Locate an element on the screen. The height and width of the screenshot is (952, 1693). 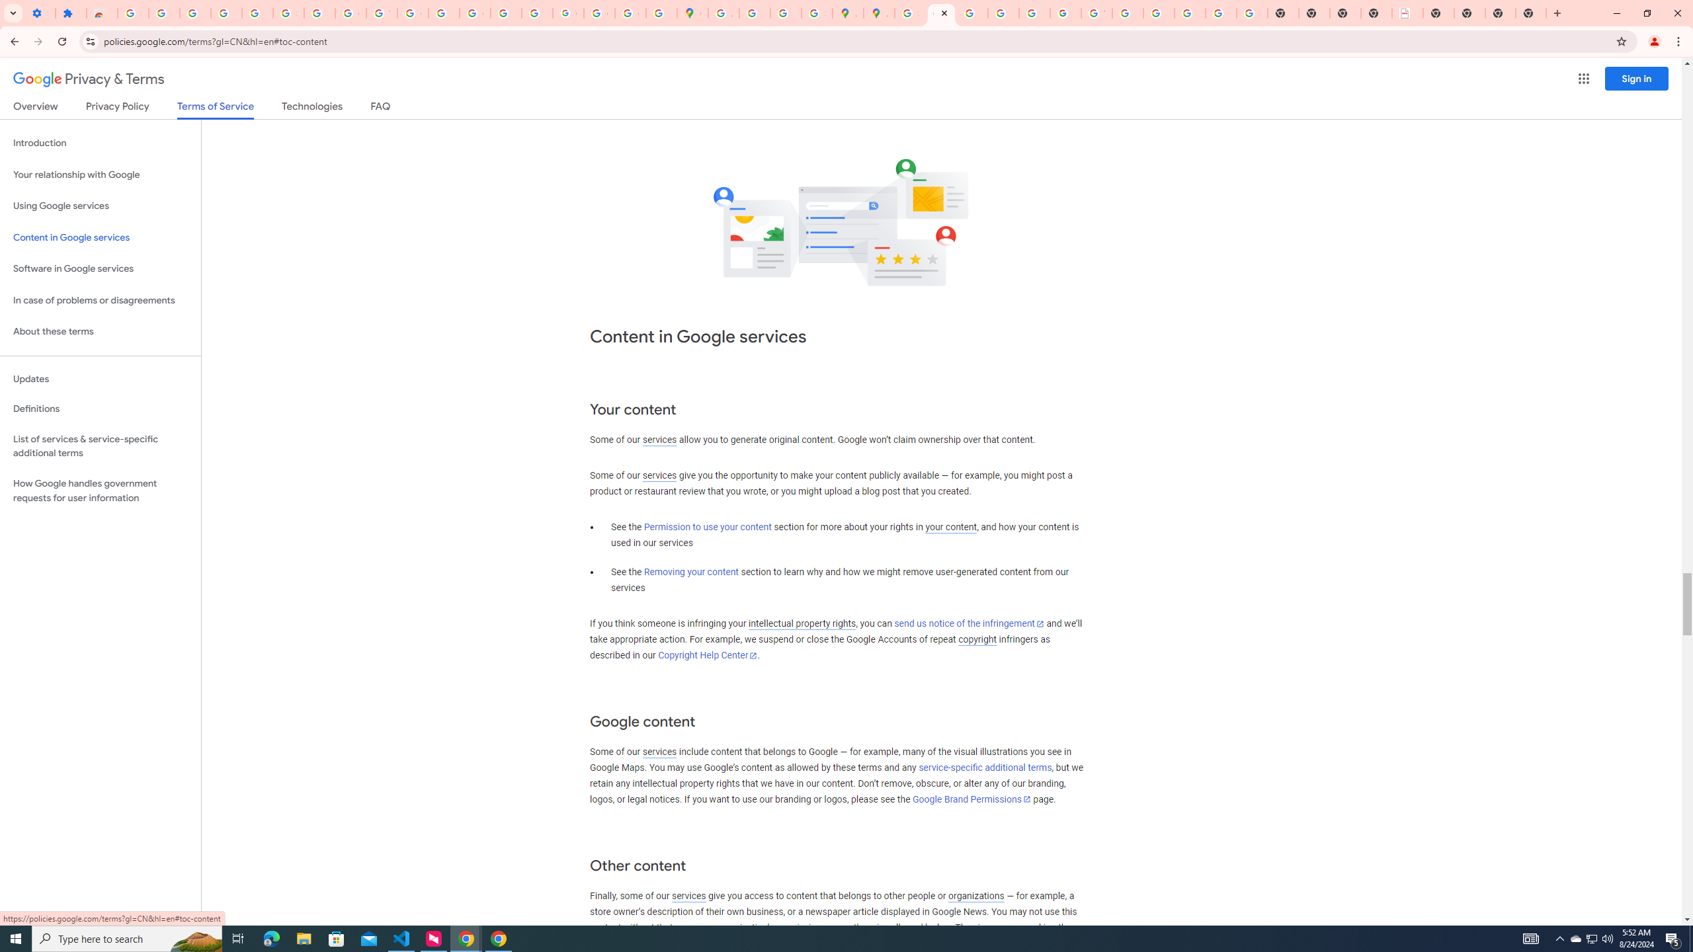
'copyright' is located at coordinates (977, 640).